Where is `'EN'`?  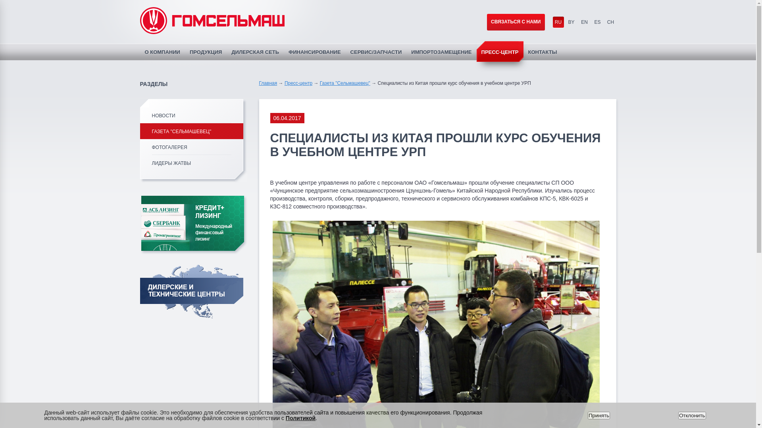
'EN' is located at coordinates (584, 22).